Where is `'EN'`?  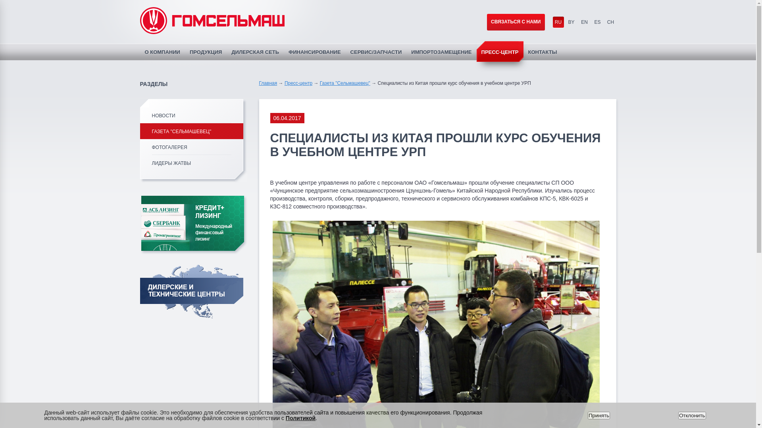
'EN' is located at coordinates (584, 22).